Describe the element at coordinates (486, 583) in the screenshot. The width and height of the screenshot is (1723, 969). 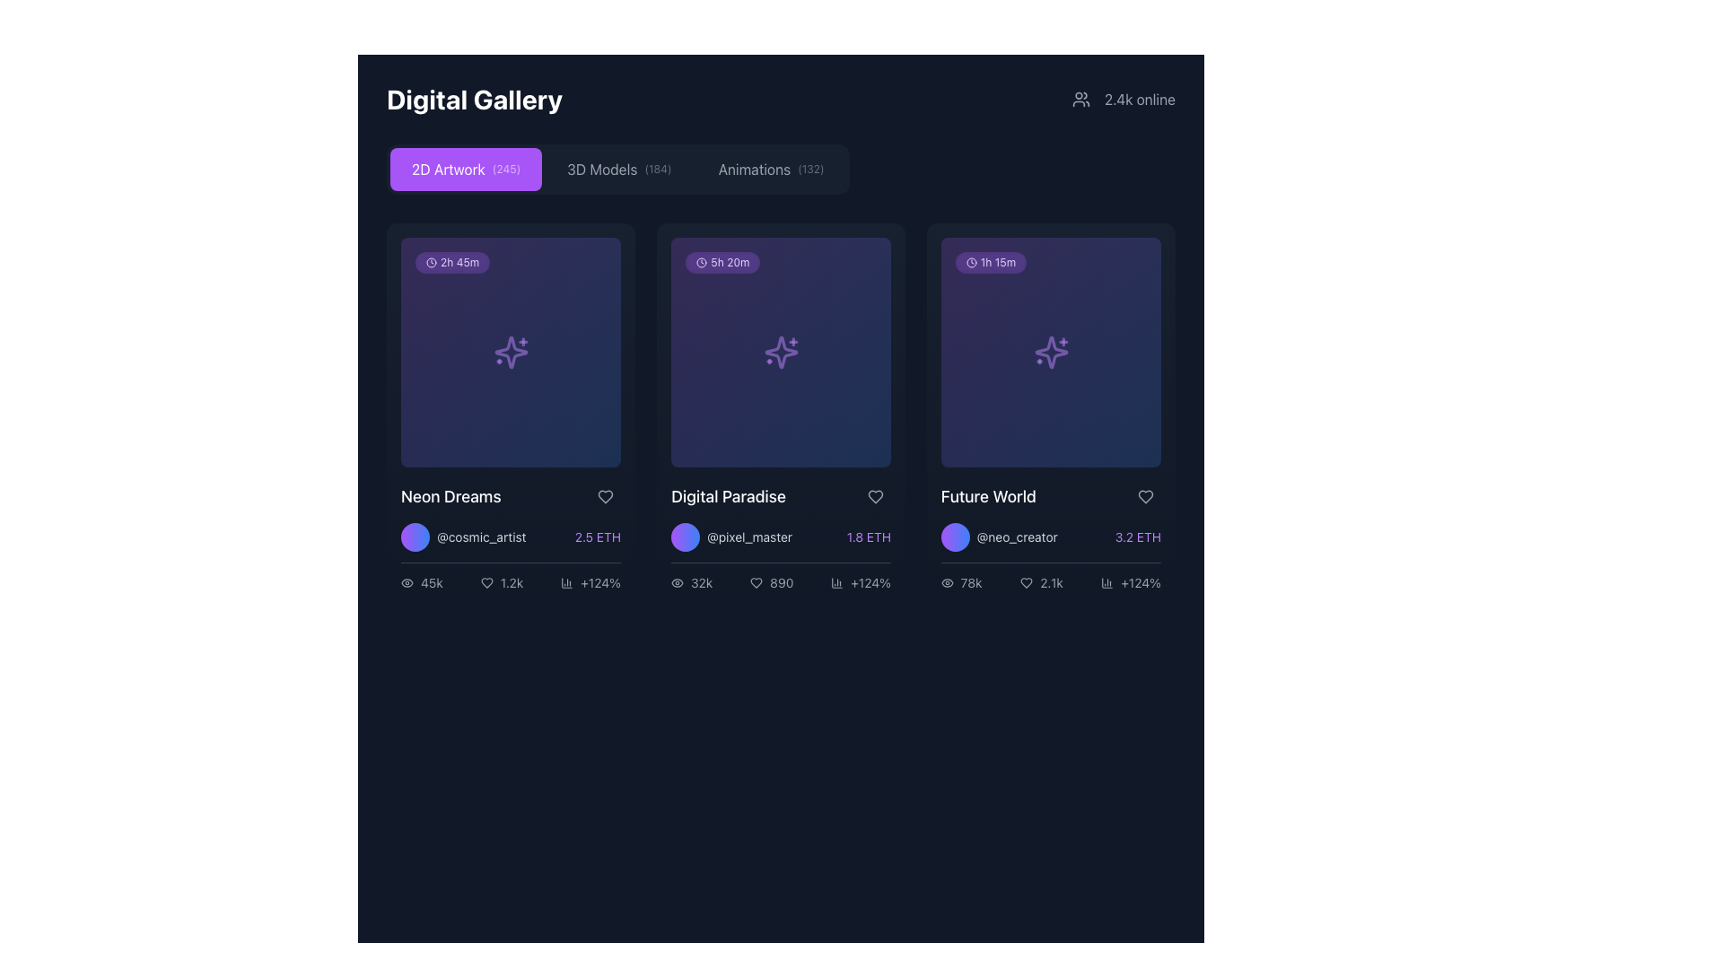
I see `the heart icon located at the bottom-right corner of the 'Neon Dreams' card to like or favorite the artwork` at that location.